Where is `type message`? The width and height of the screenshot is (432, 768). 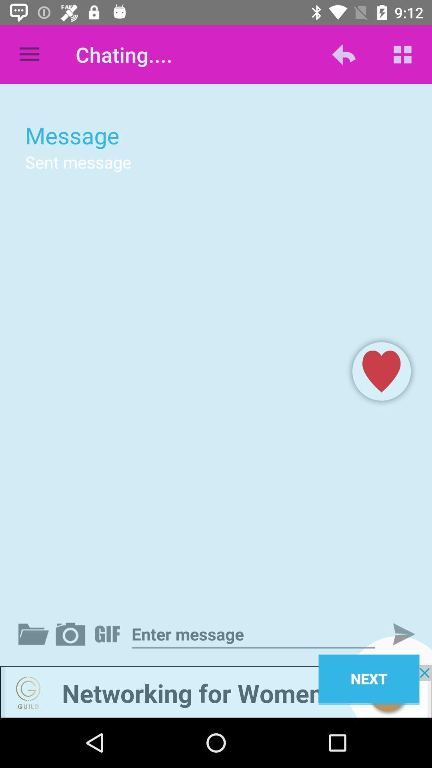 type message is located at coordinates (253, 634).